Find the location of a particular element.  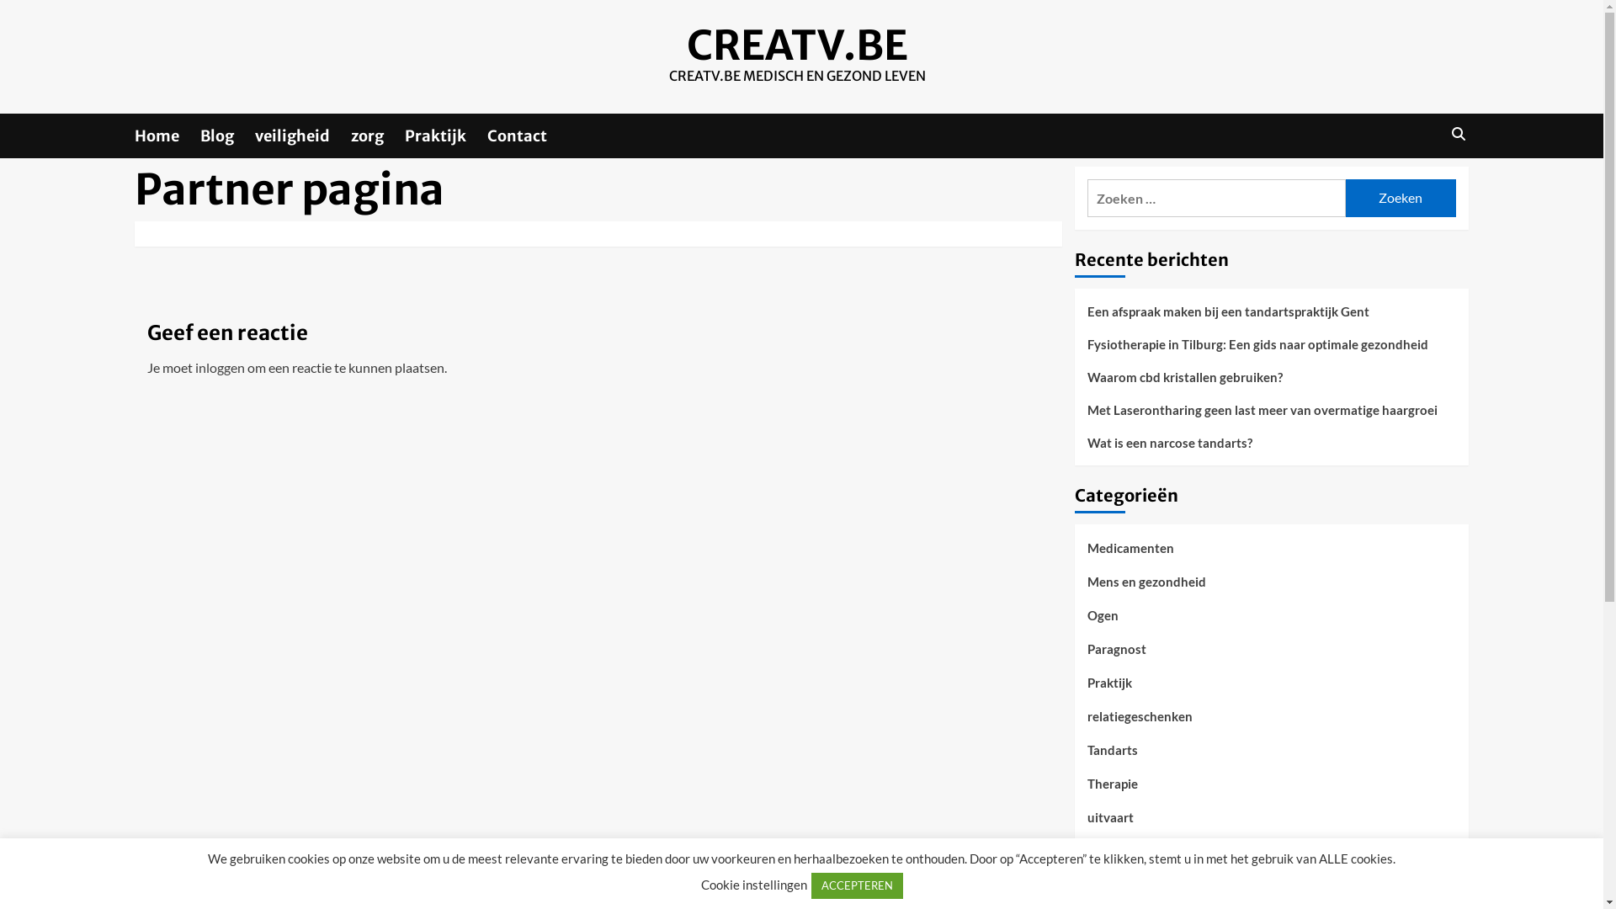

'Ogen' is located at coordinates (1103, 621).